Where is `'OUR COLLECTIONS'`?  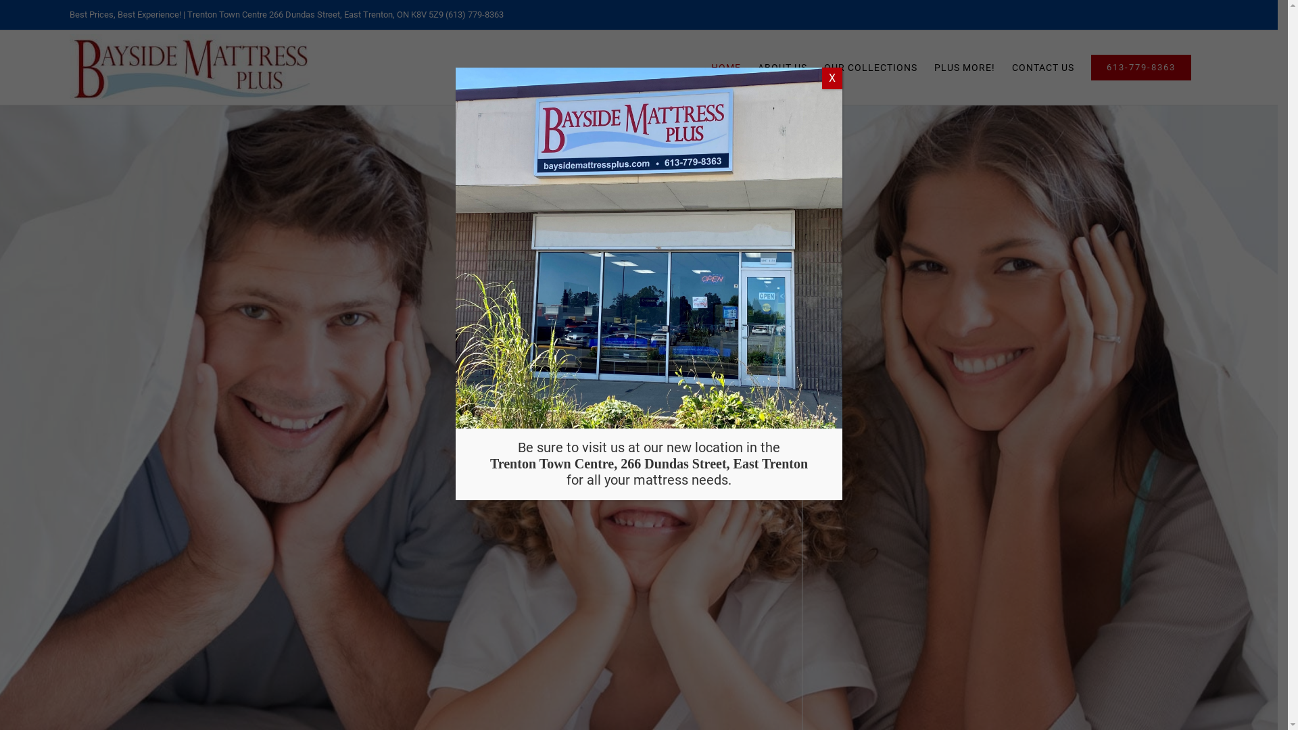
'OUR COLLECTIONS' is located at coordinates (870, 68).